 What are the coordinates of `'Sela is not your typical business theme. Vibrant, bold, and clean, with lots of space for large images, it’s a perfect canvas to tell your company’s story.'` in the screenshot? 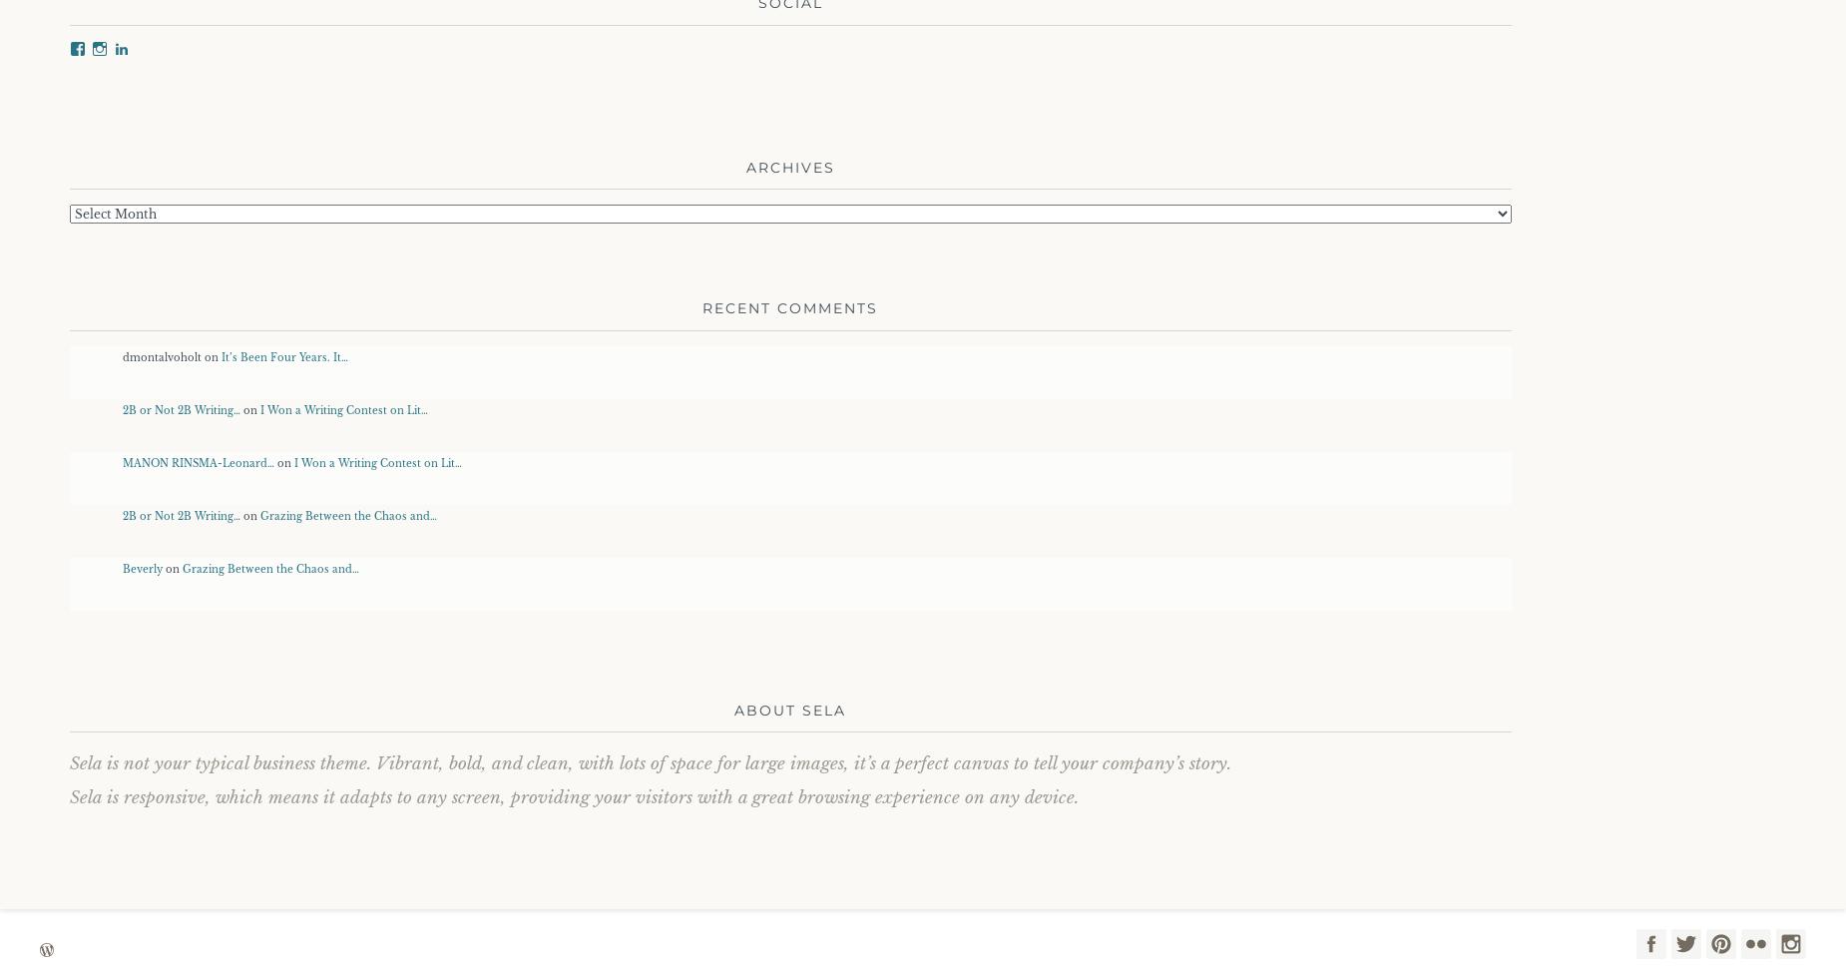 It's located at (650, 763).